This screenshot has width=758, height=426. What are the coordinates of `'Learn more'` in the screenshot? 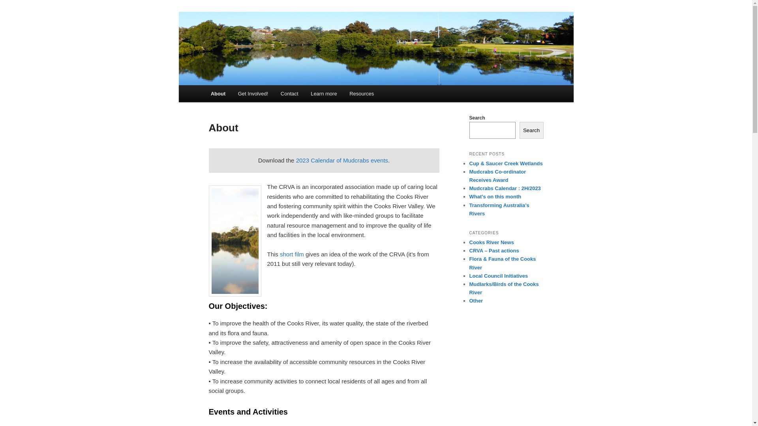 It's located at (324, 93).